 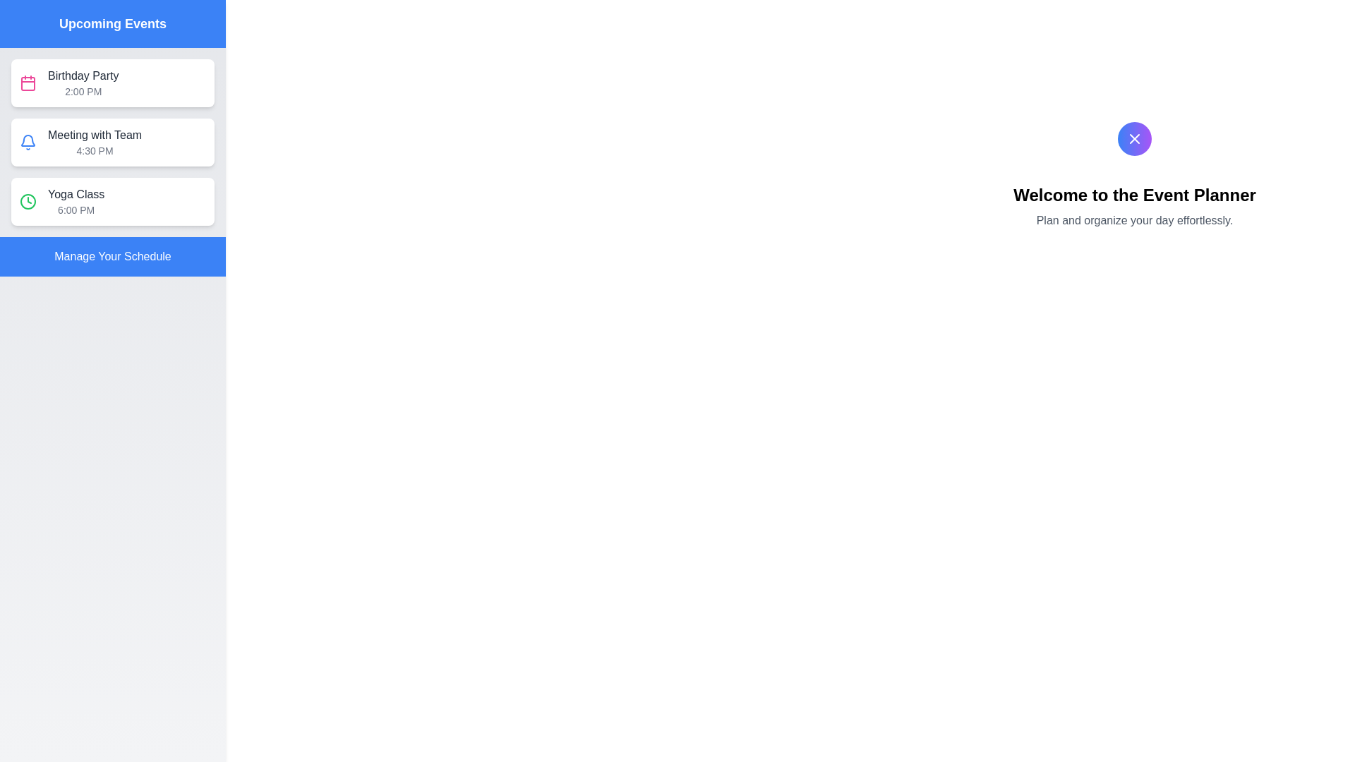 What do you see at coordinates (112, 142) in the screenshot?
I see `information displayed on the card that contains a blue bell icon and text saying 'Meeting with Team' and '4:30 PM', which is the second card in the sidebar` at bounding box center [112, 142].